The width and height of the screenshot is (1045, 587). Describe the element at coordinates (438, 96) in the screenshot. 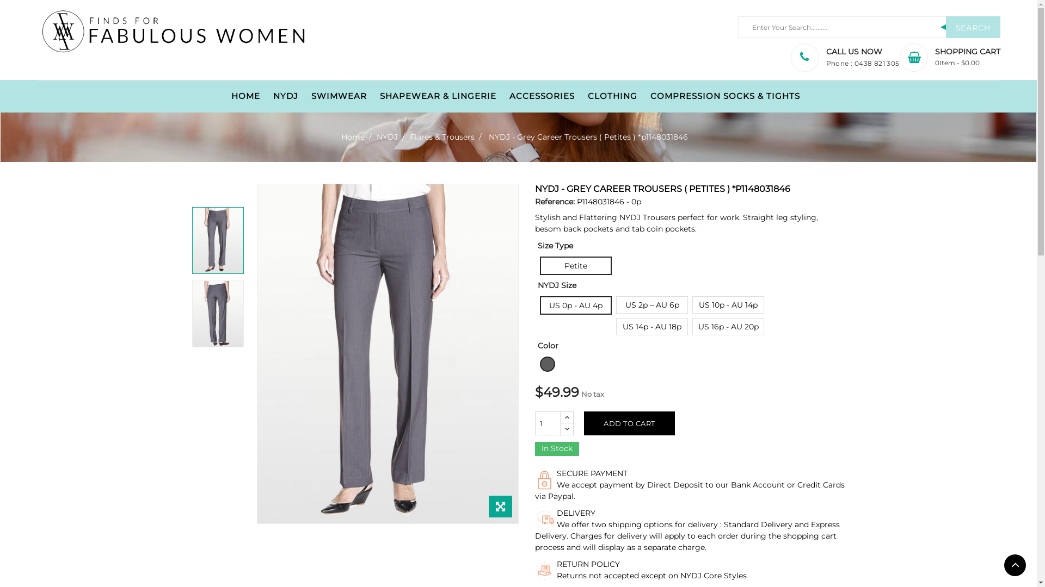

I see `'SHAPEWEAR & LINGERIE'` at that location.